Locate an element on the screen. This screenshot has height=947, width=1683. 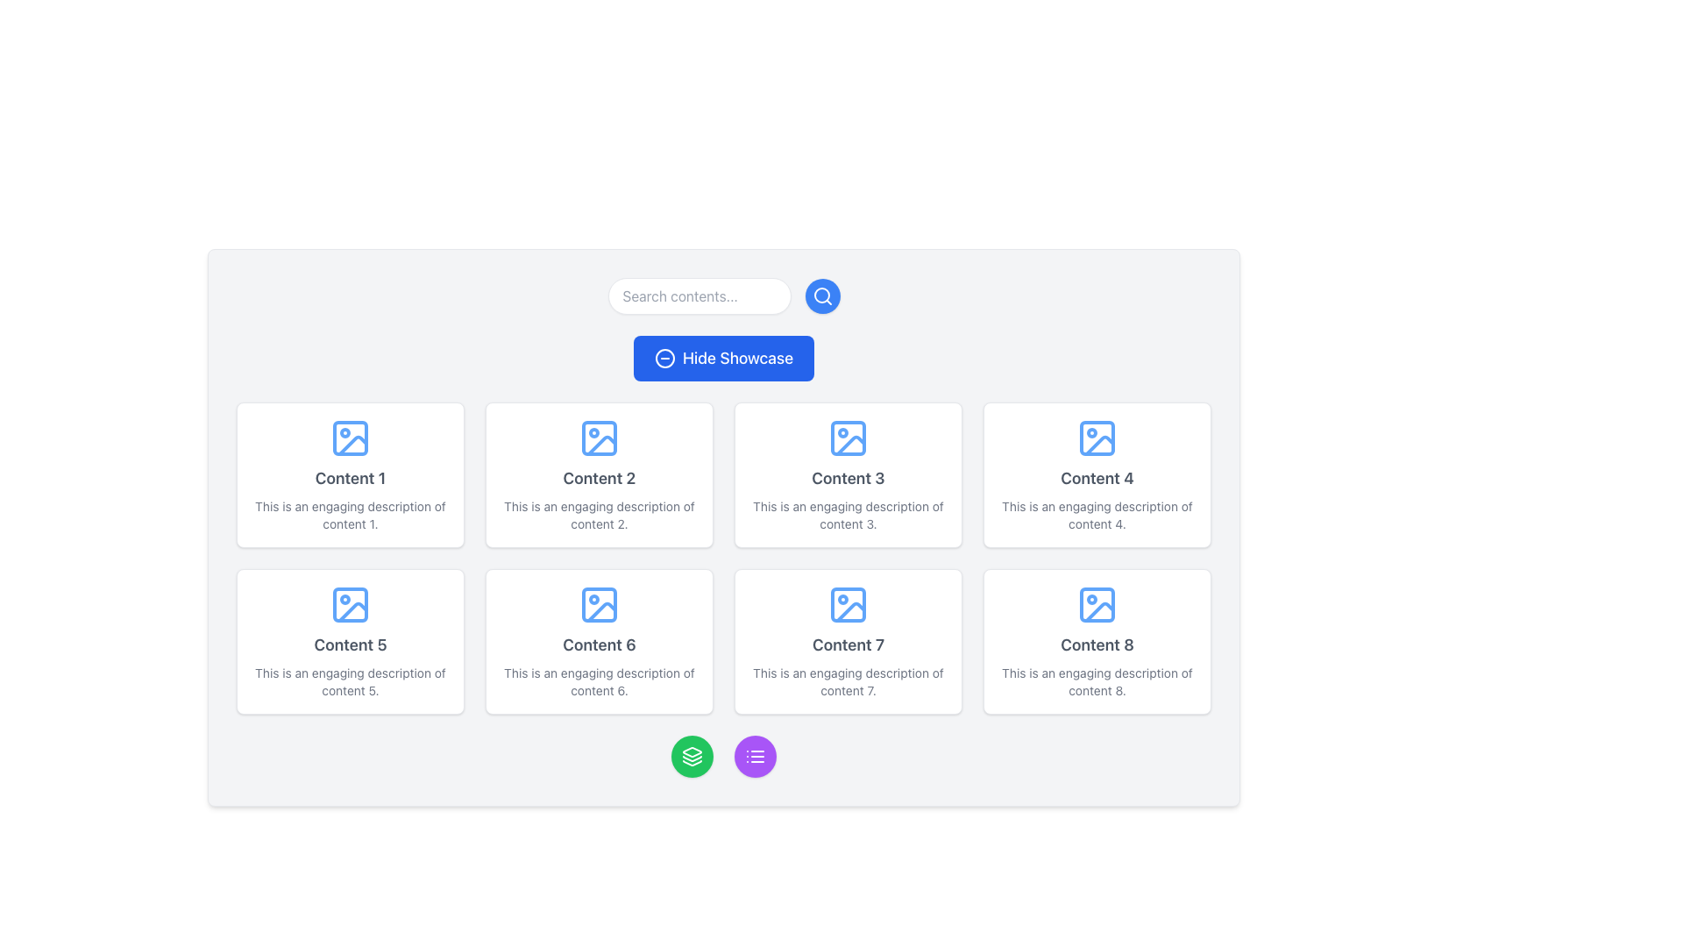
the icon button for layers located at the bottom center of the interface, to the left of a circular purple icon is located at coordinates (692, 756).